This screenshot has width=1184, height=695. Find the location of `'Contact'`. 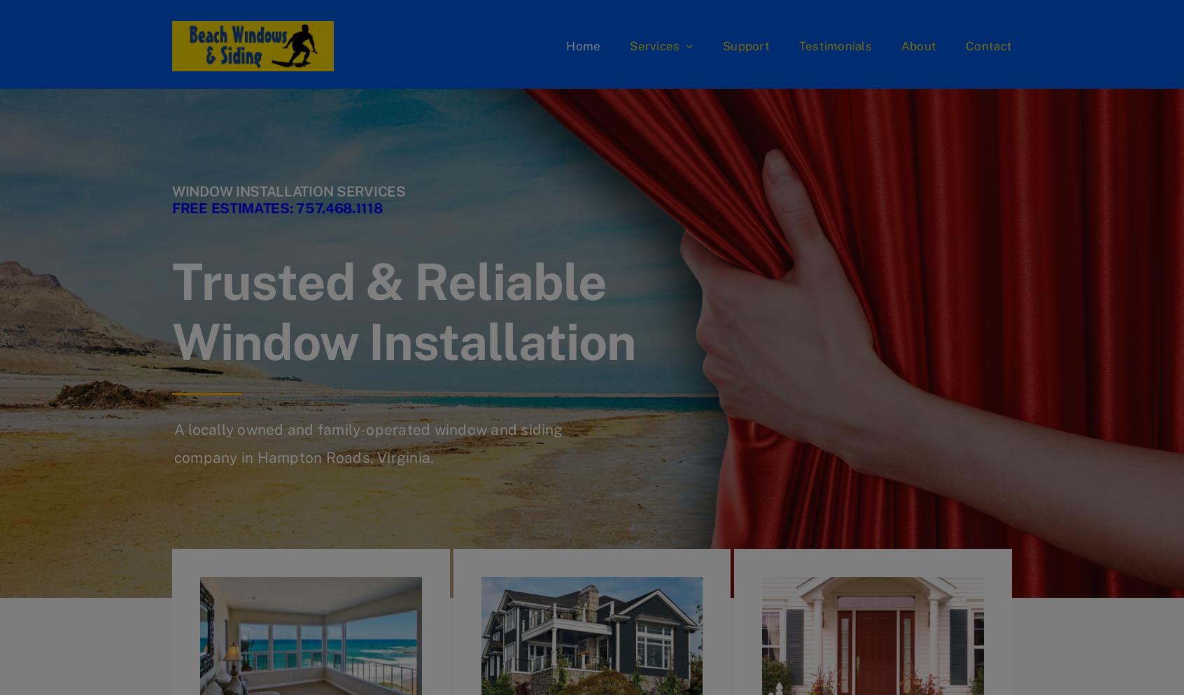

'Contact' is located at coordinates (965, 45).